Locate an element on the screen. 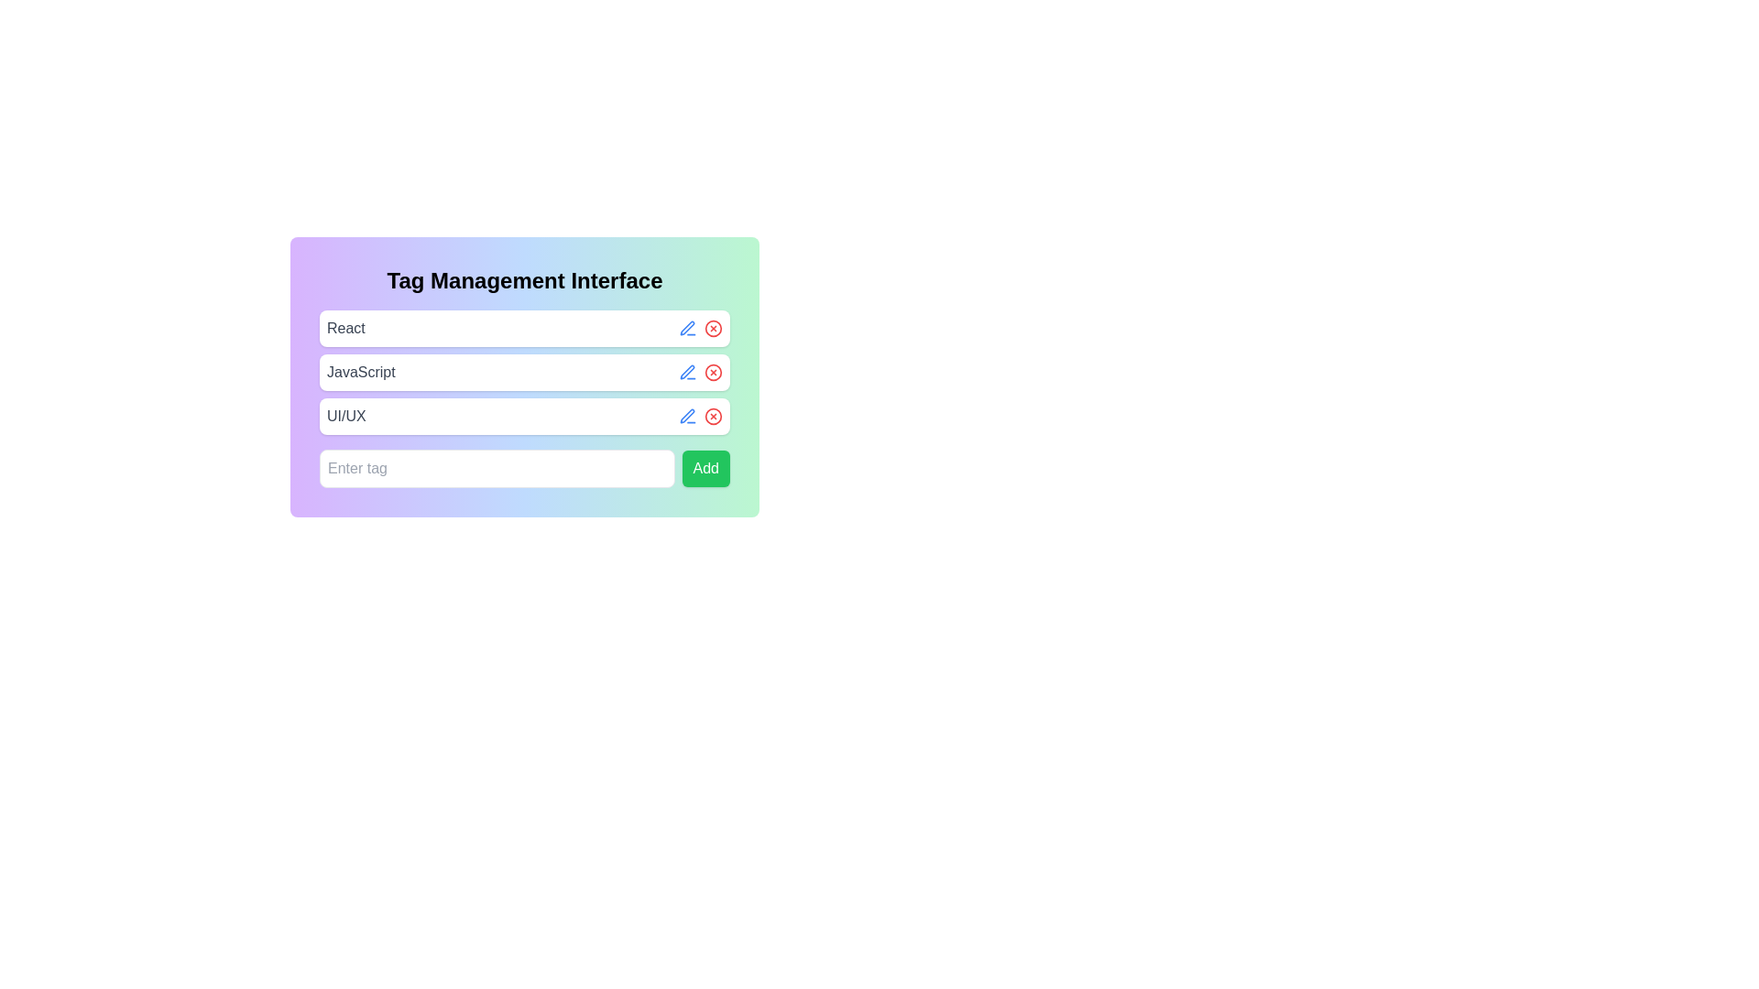  the edit icon associated with the 'JavaScript' text field is located at coordinates (686, 327).